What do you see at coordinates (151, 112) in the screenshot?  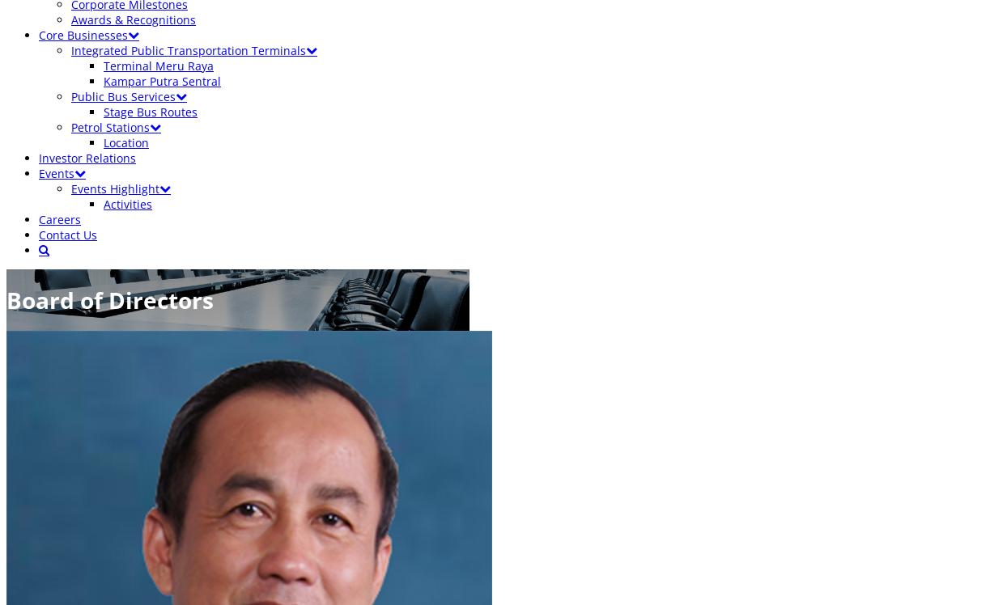 I see `'Stage Bus Routes'` at bounding box center [151, 112].